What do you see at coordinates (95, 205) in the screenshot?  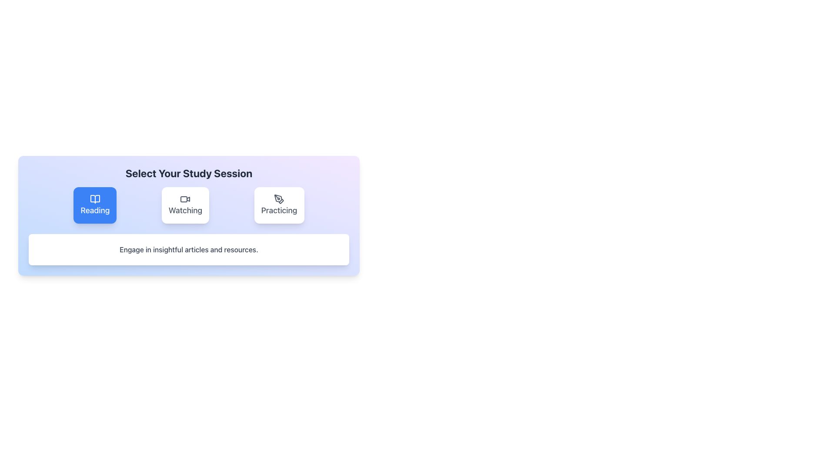 I see `the 'Reading' interactive button with a blue background and white text` at bounding box center [95, 205].